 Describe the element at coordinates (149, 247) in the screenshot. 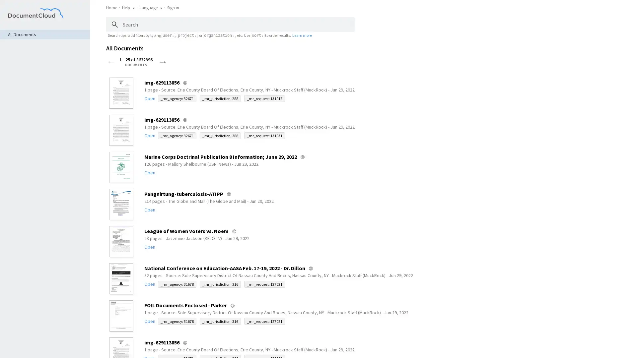

I see `Open` at that location.